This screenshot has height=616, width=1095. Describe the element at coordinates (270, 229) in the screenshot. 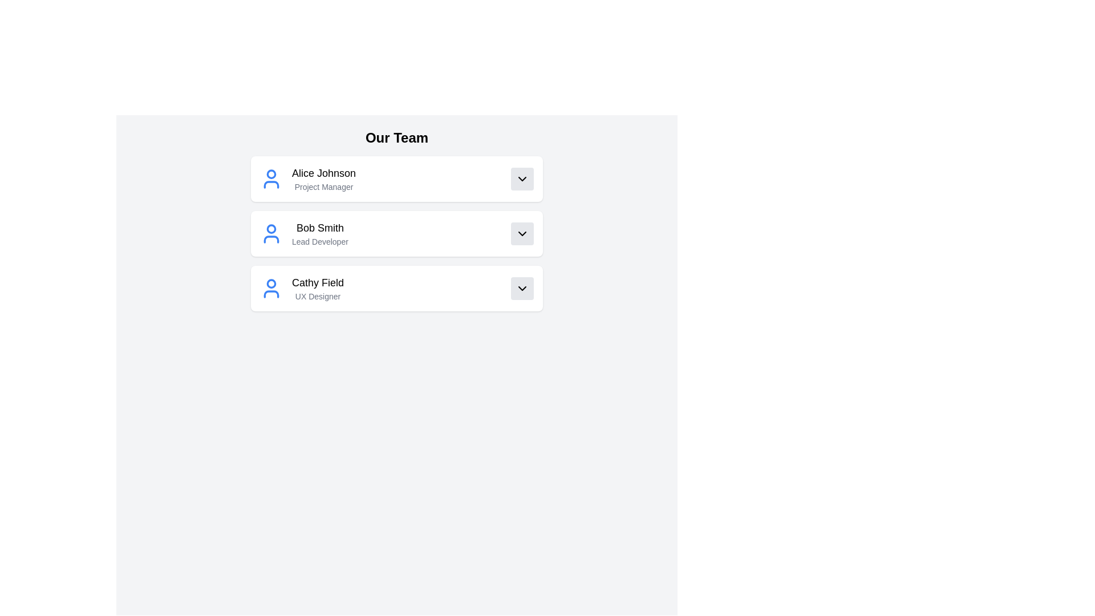

I see `the head part of the user icon representing 'Bob Smith', which is the second element in the vertical list of user profiles` at that location.